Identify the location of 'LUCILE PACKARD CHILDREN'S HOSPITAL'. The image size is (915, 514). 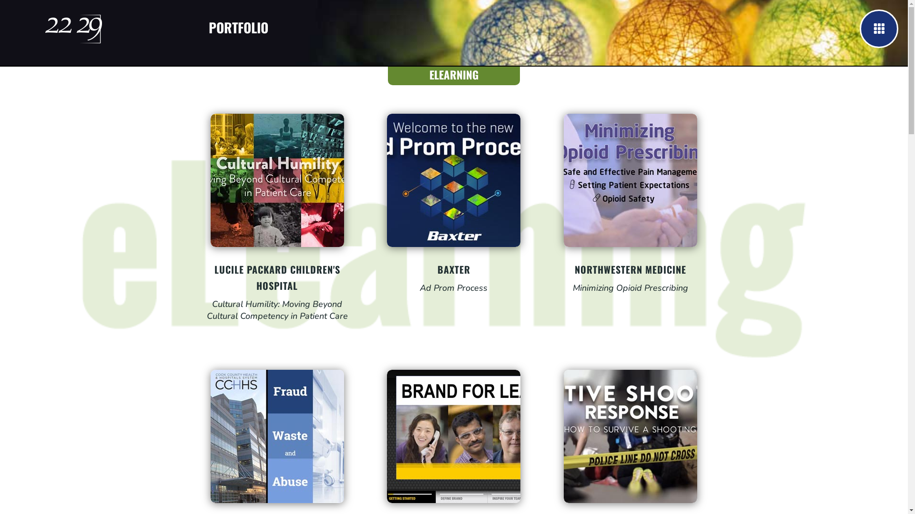
(214, 277).